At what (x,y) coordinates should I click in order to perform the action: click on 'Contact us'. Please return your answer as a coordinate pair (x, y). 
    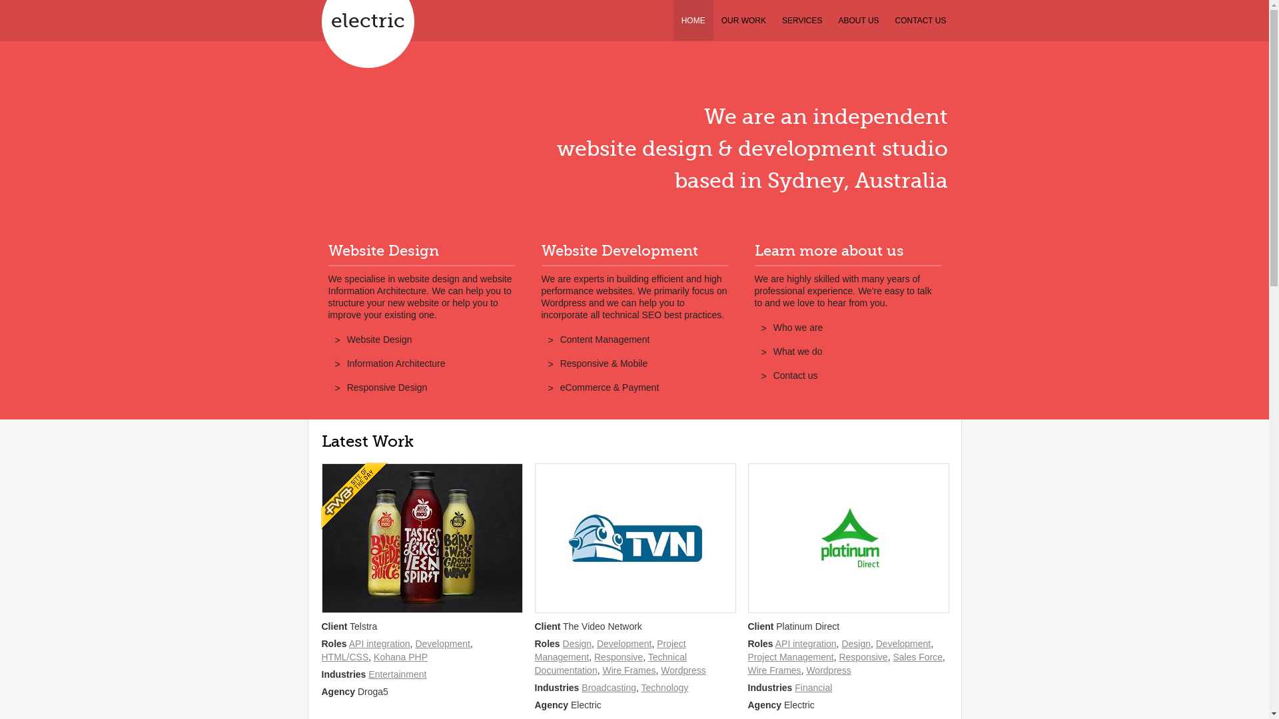
    Looking at the image, I should click on (795, 375).